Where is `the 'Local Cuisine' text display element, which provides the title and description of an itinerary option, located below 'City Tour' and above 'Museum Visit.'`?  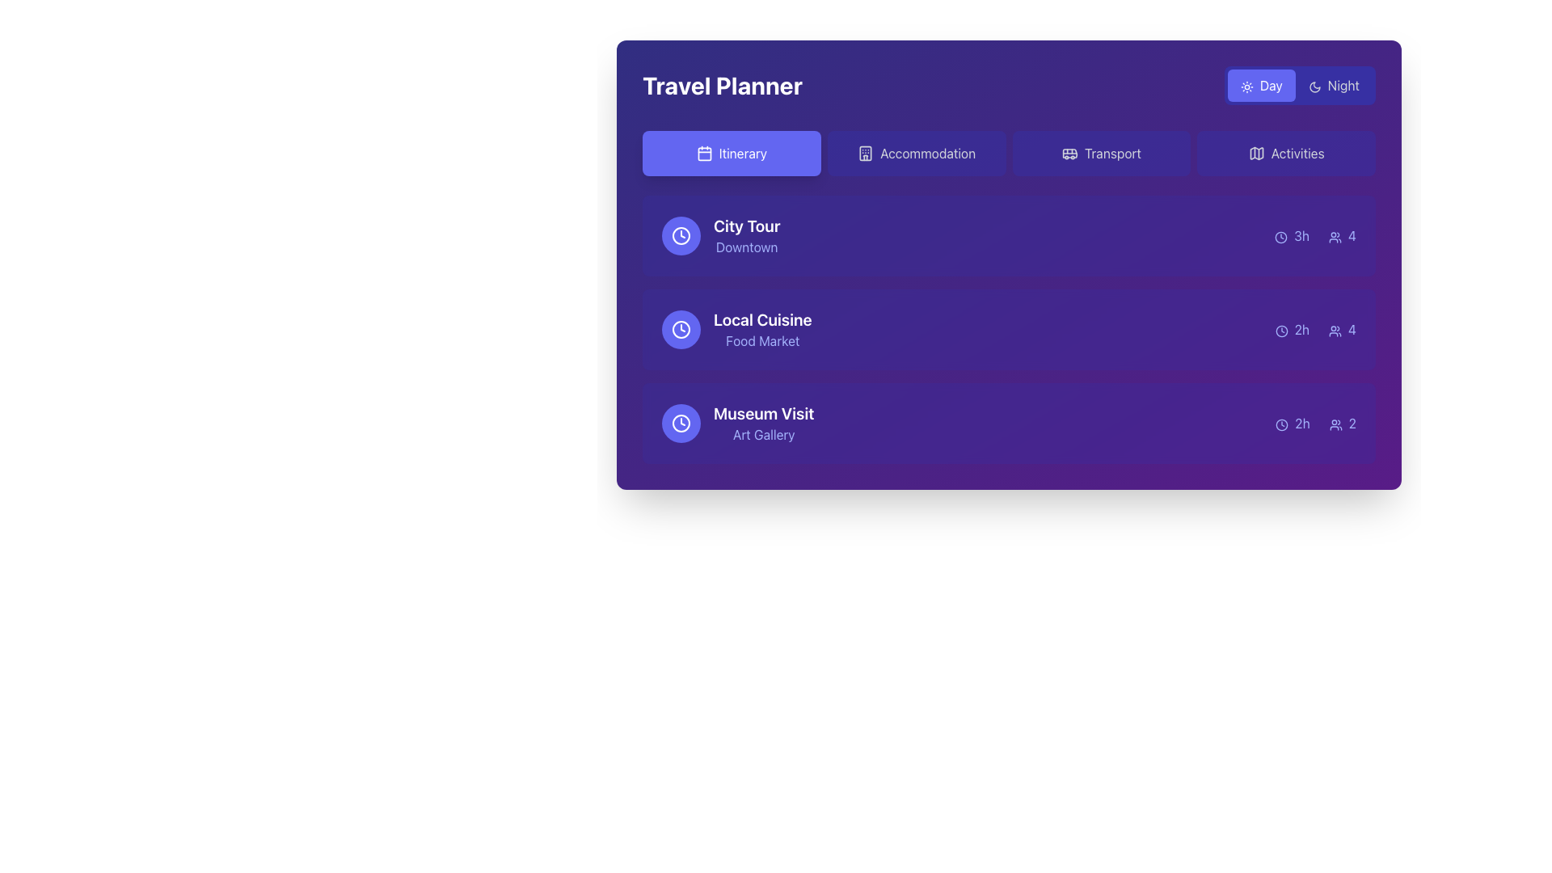
the 'Local Cuisine' text display element, which provides the title and description of an itinerary option, located below 'City Tour' and above 'Museum Visit.' is located at coordinates (761, 329).